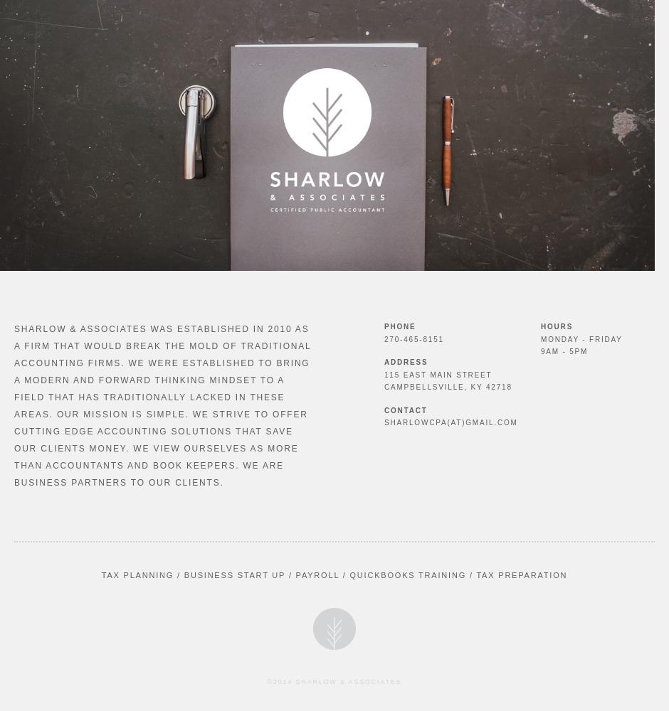 The image size is (669, 711). What do you see at coordinates (556, 326) in the screenshot?
I see `'Hours'` at bounding box center [556, 326].